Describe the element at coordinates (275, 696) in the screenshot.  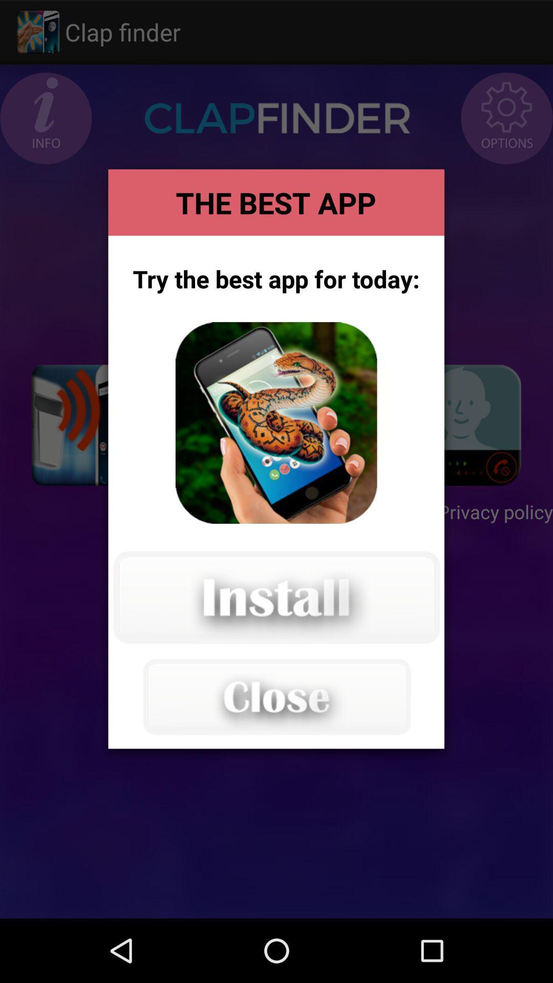
I see `the popup` at that location.